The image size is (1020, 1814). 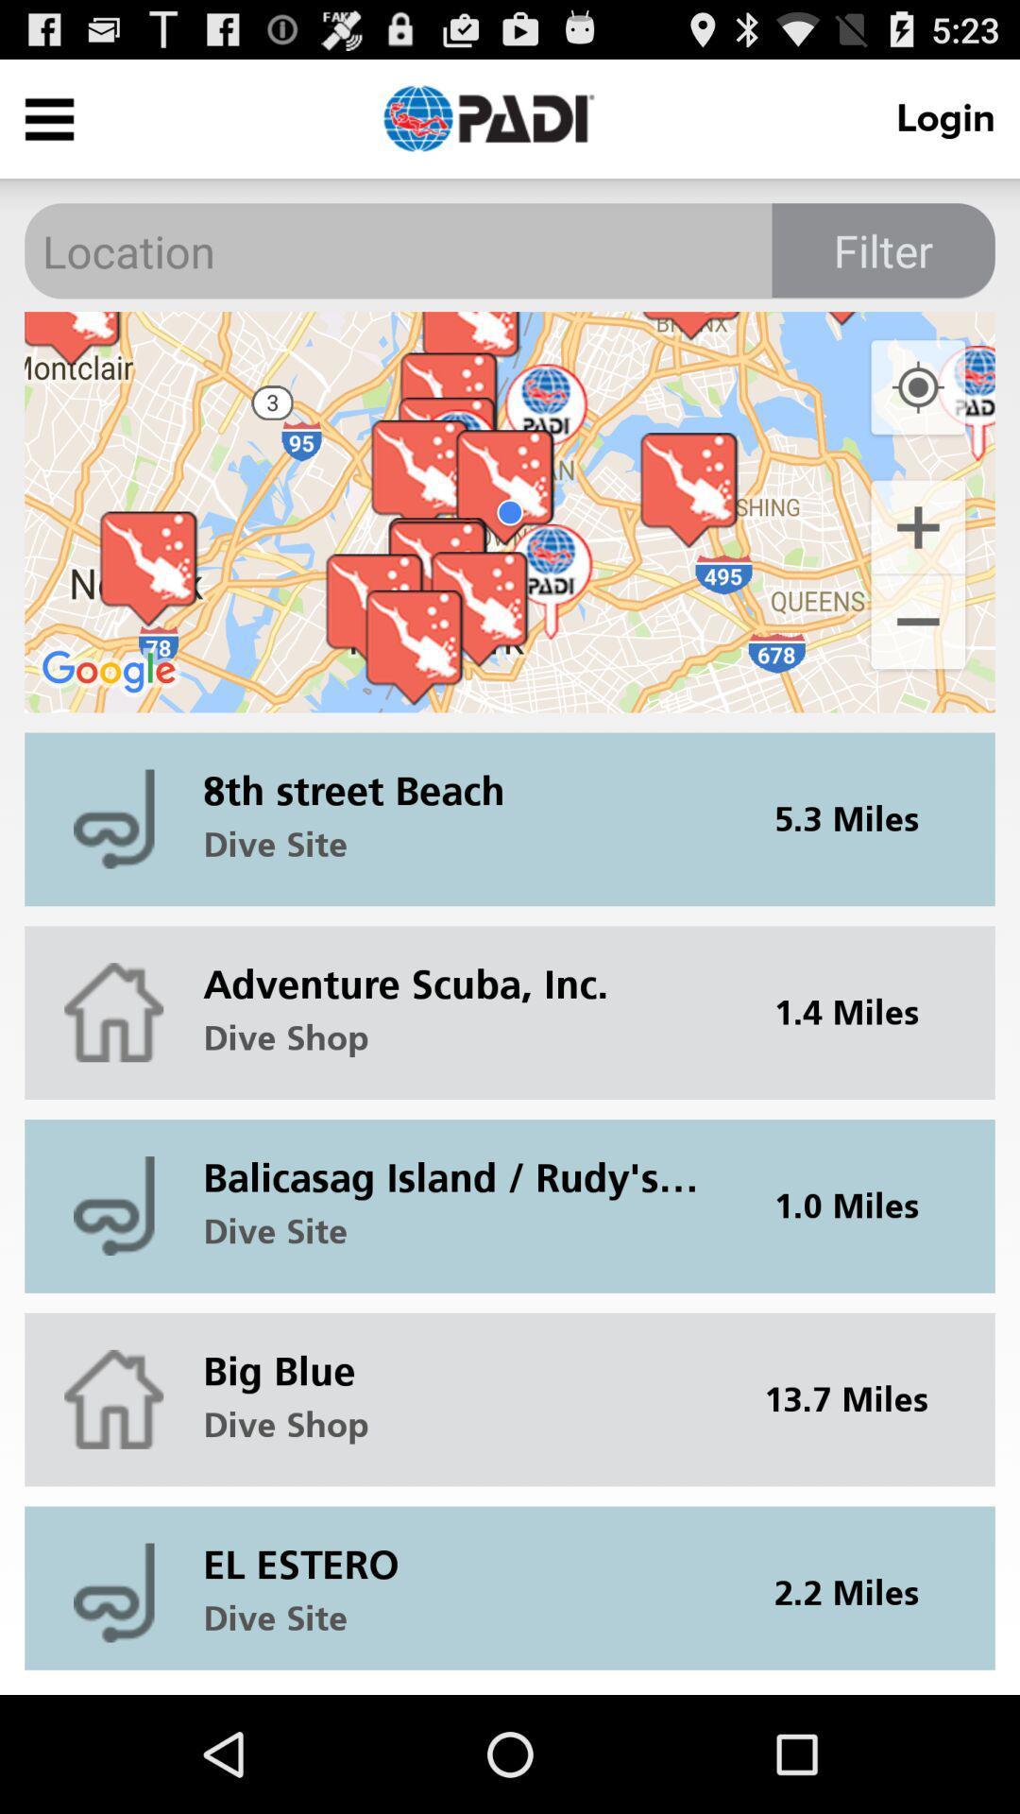 I want to click on adventure scuba, inc., so click(x=463, y=969).